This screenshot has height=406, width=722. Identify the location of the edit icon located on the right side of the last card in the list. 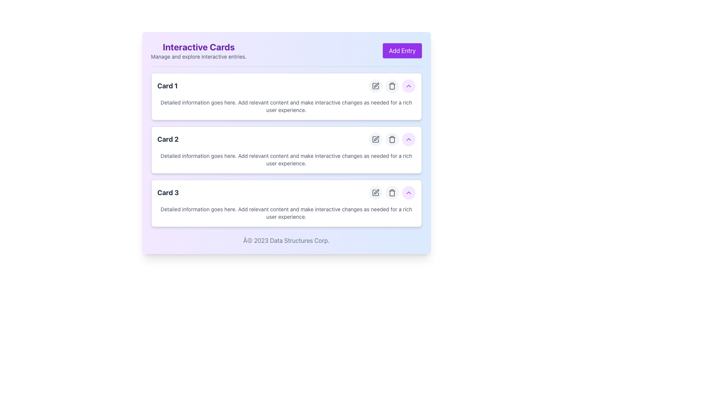
(376, 191).